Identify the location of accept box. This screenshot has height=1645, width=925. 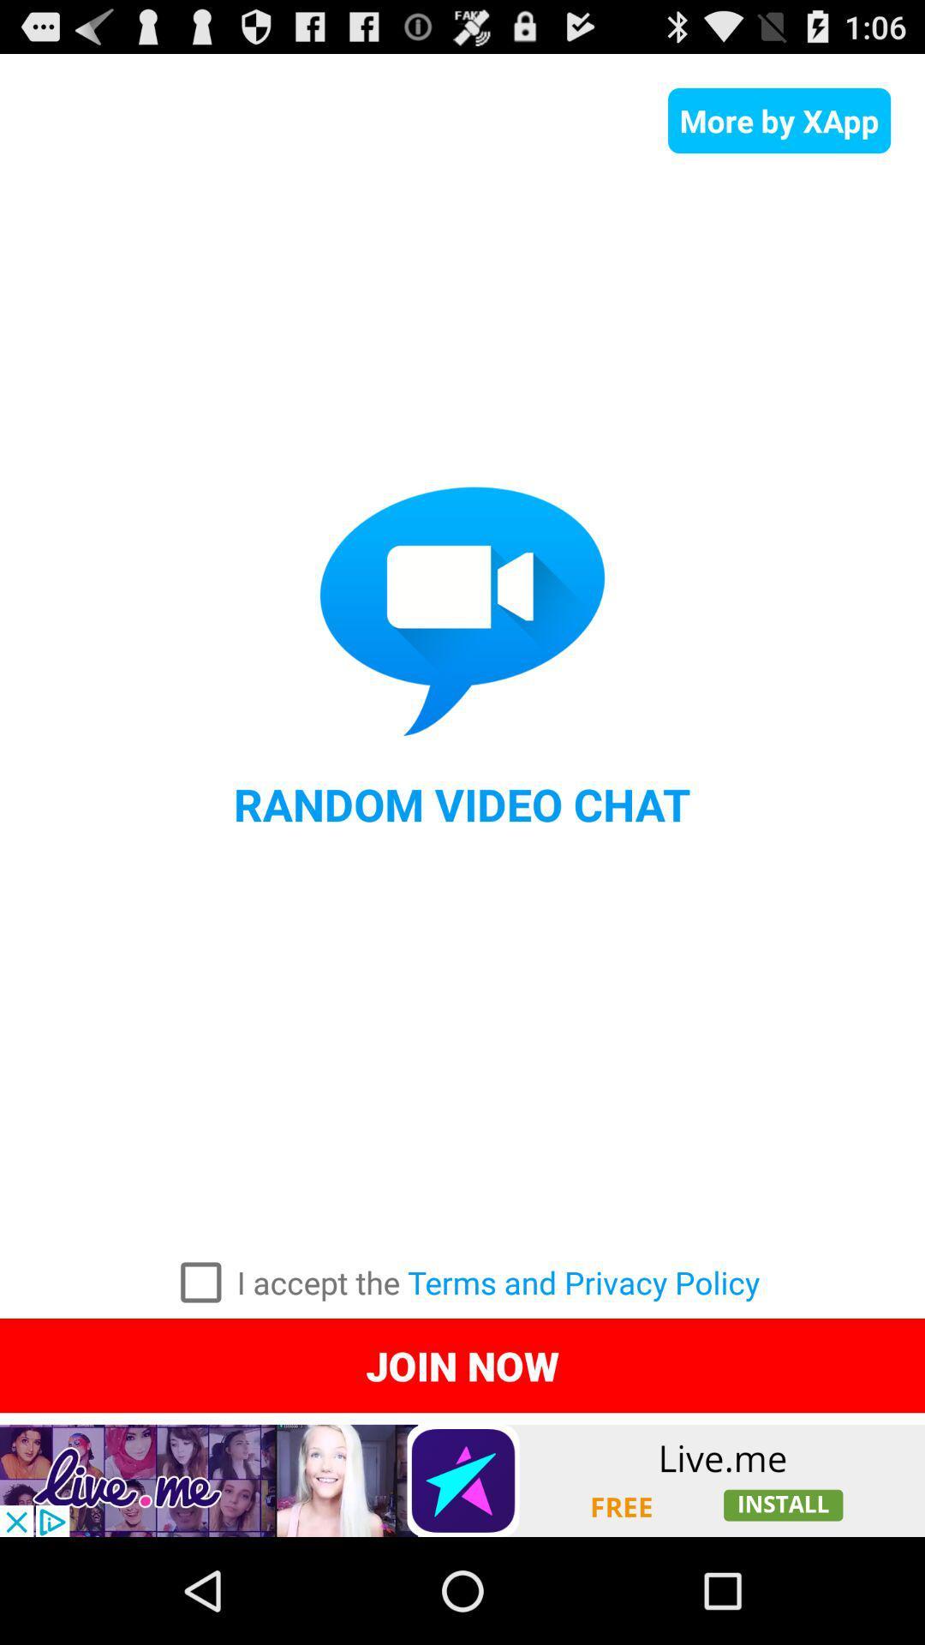
(200, 1283).